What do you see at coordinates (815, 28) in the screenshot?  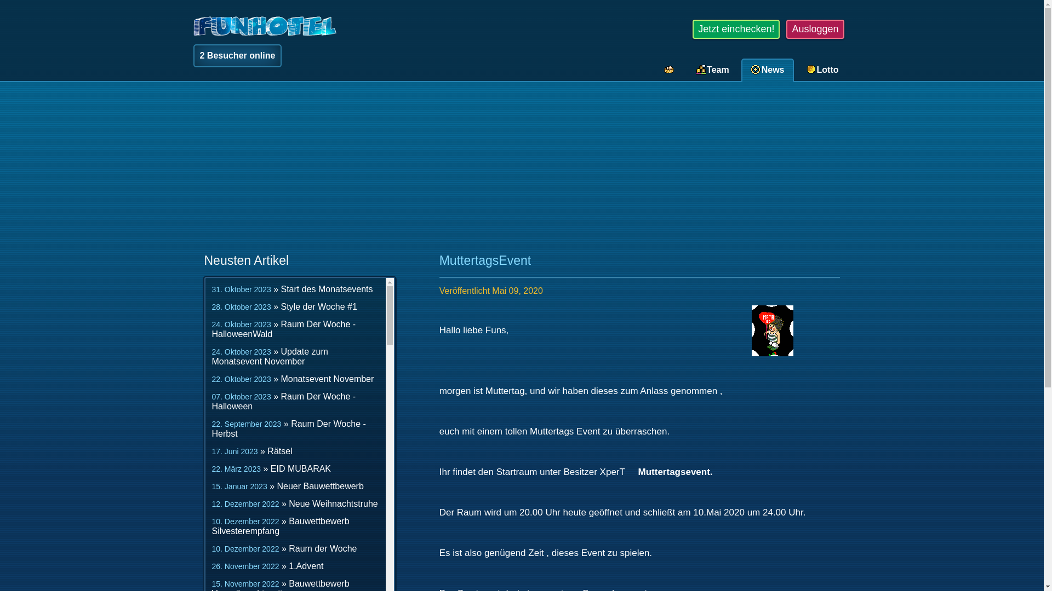 I see `'Ausloggen'` at bounding box center [815, 28].